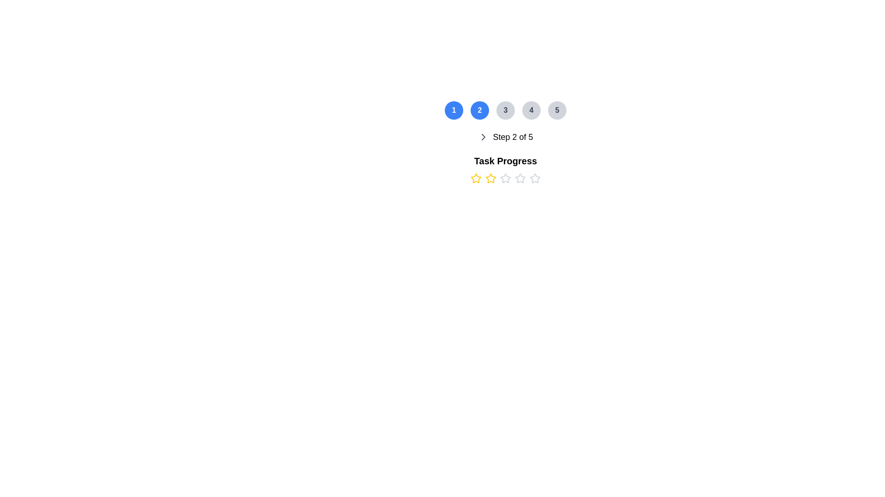 This screenshot has height=497, width=885. What do you see at coordinates (476, 178) in the screenshot?
I see `the first star icon in the horizontal array of five star icons below the text 'Task Progress'` at bounding box center [476, 178].